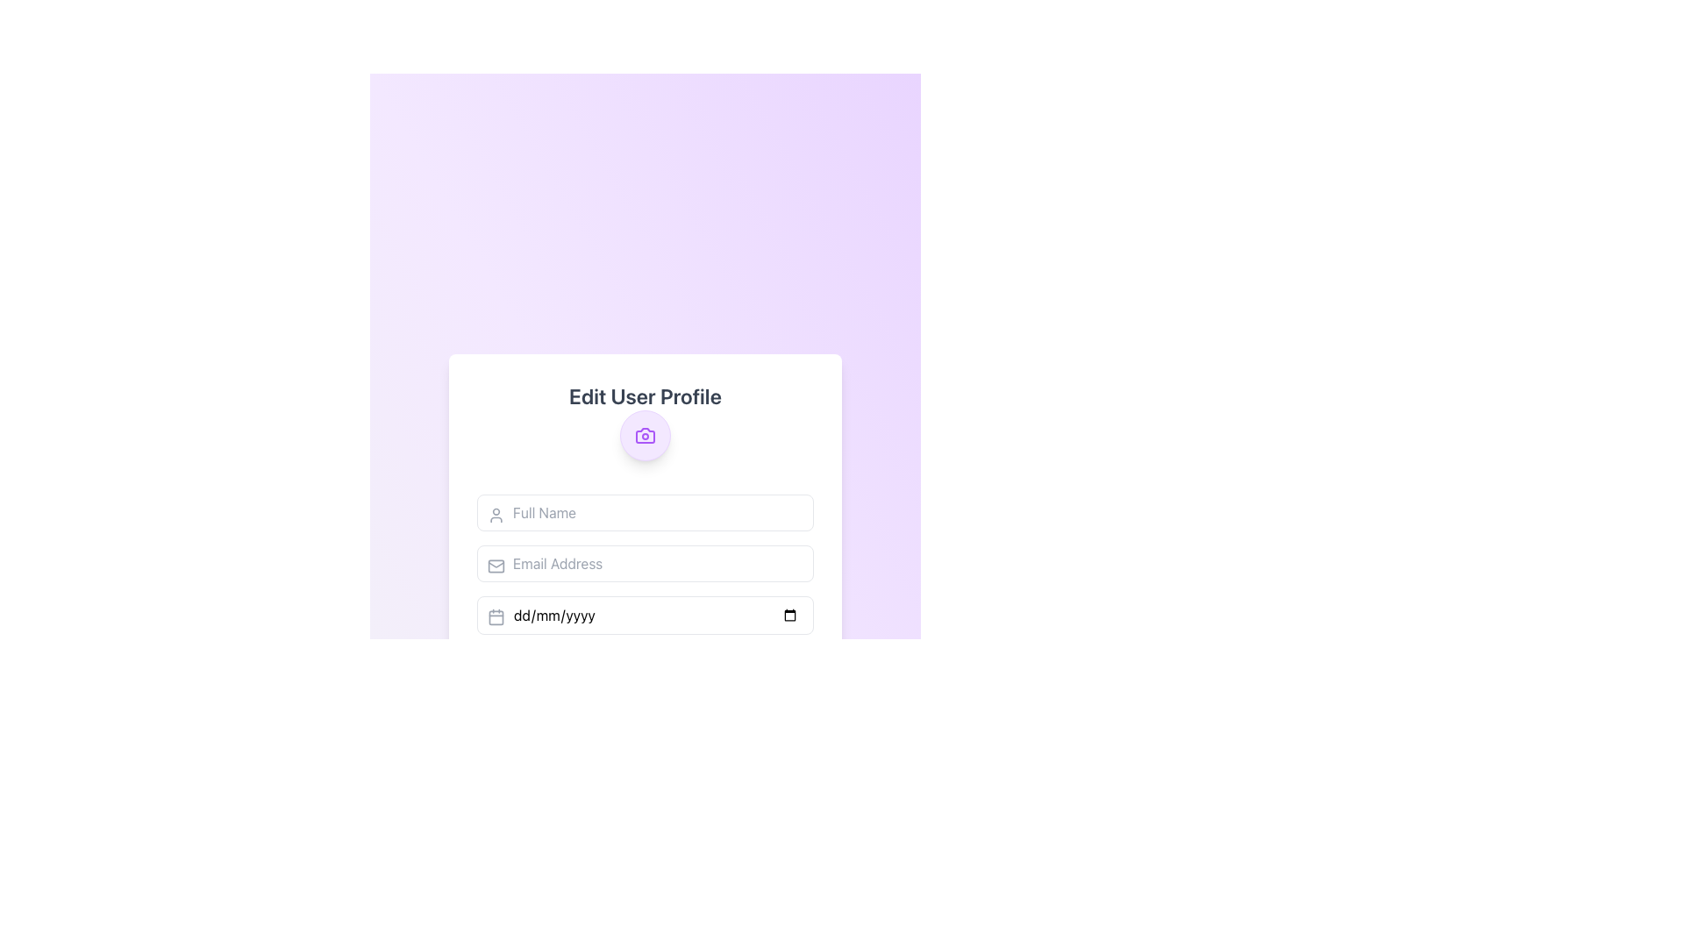  What do you see at coordinates (496, 616) in the screenshot?
I see `the small gray outlined calendar icon located to the left of the 'Birth Date' input field in the third input row of the form` at bounding box center [496, 616].